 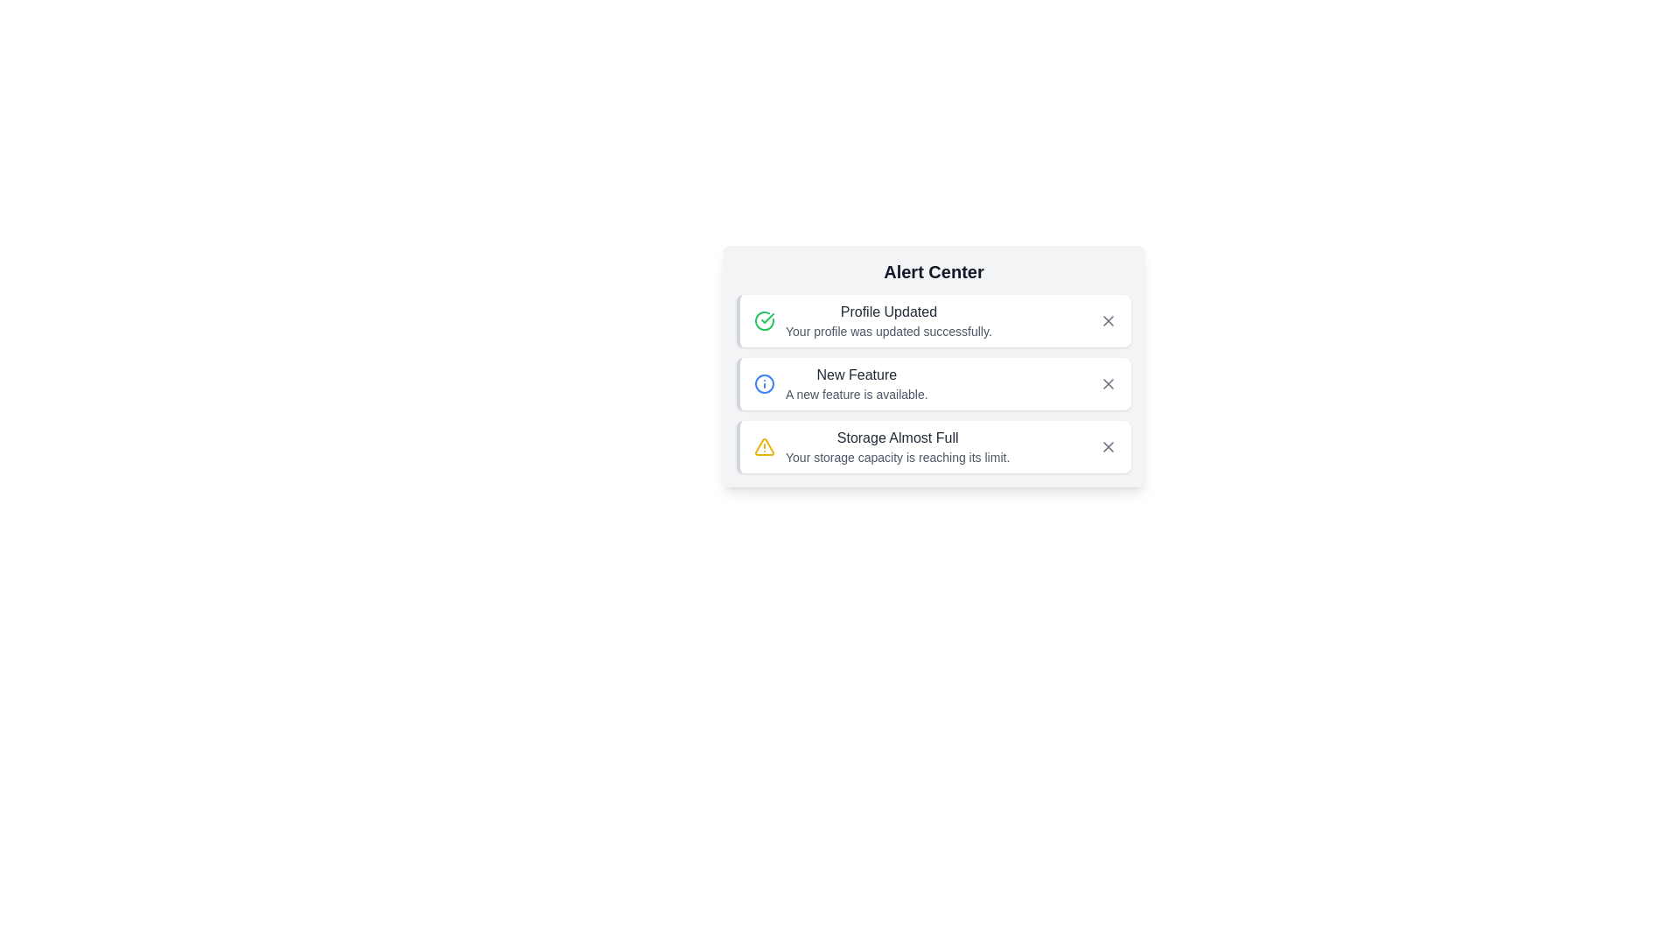 What do you see at coordinates (1108, 445) in the screenshot?
I see `the 'X' button located at the far-right edge of the 'Storage Almost Full' notification panel to trigger a style change` at bounding box center [1108, 445].